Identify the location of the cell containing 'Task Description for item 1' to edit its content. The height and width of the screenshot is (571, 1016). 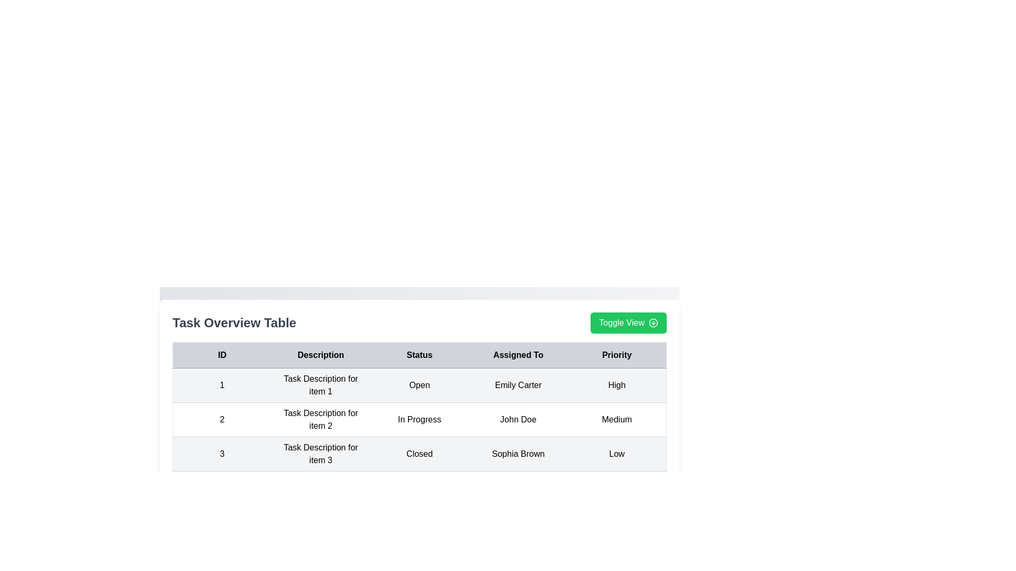
(320, 385).